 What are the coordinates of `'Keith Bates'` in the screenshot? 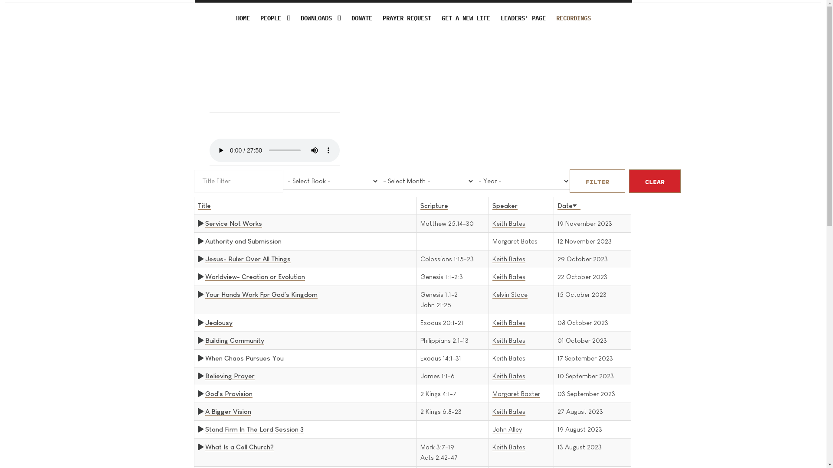 It's located at (508, 223).